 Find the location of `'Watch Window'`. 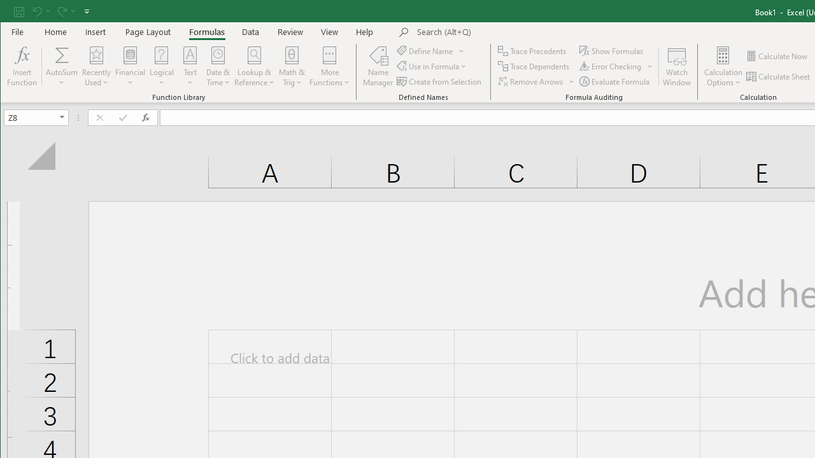

'Watch Window' is located at coordinates (676, 66).